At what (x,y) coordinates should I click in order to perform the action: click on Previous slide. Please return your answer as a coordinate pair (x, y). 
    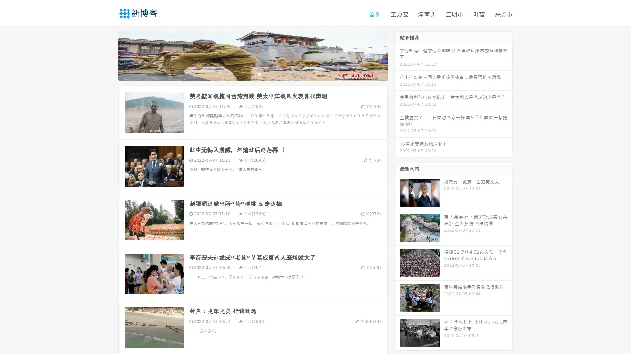
    Looking at the image, I should click on (108, 55).